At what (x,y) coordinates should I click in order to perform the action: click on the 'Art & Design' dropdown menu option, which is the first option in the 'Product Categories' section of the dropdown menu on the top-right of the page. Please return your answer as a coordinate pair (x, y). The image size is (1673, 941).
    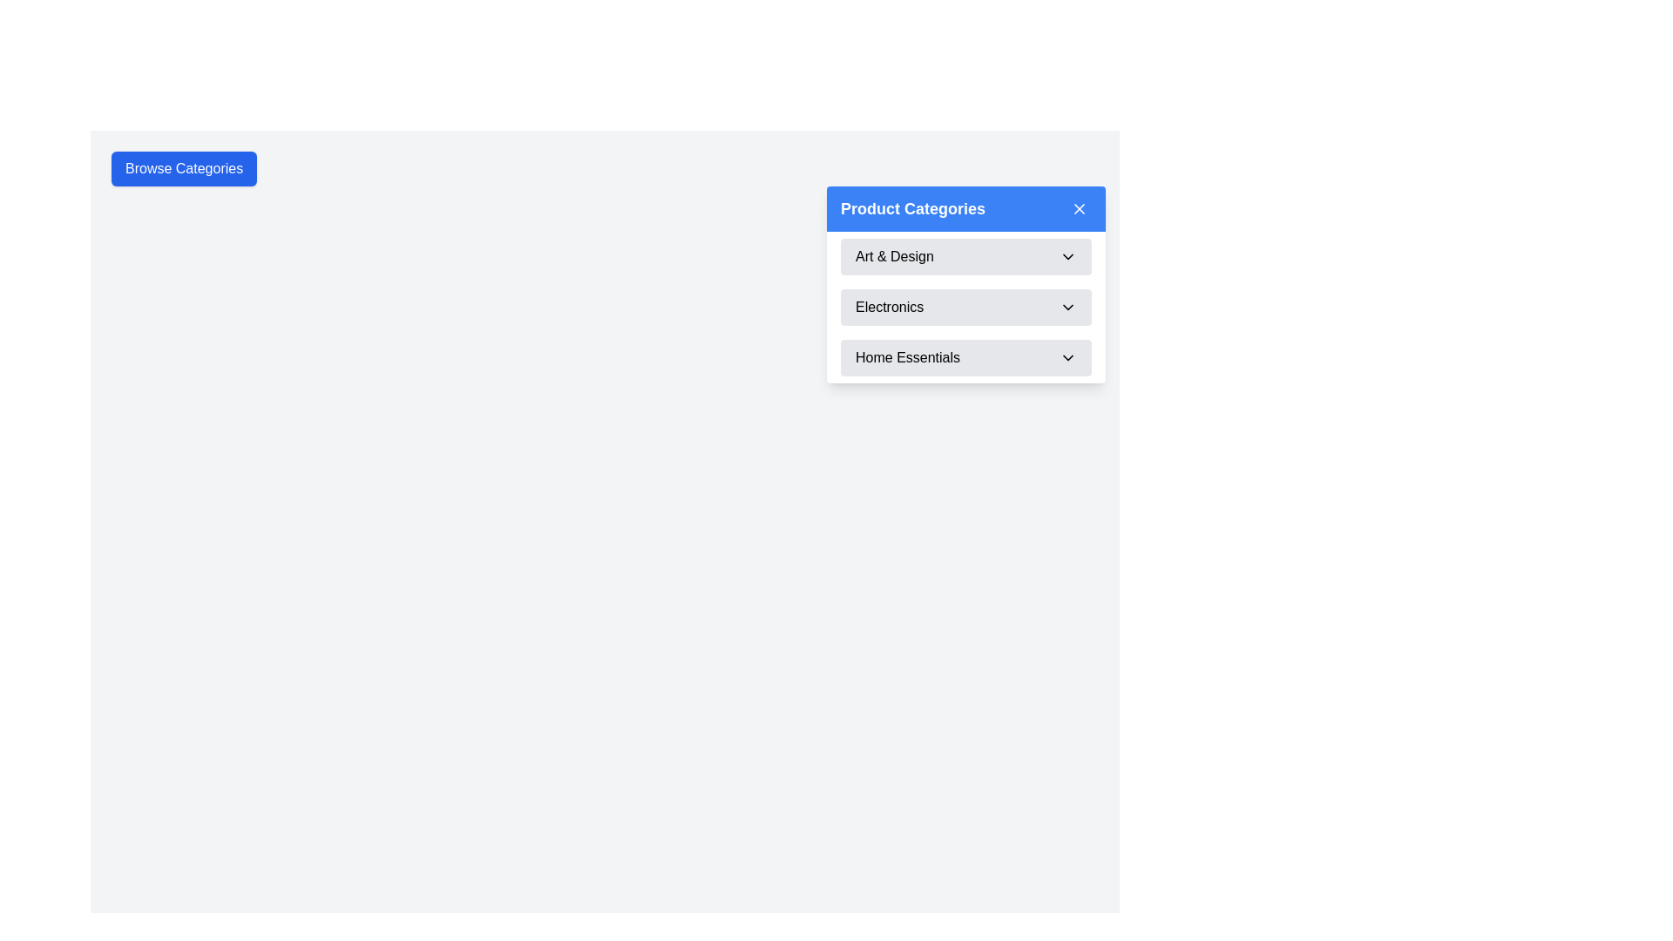
    Looking at the image, I should click on (965, 256).